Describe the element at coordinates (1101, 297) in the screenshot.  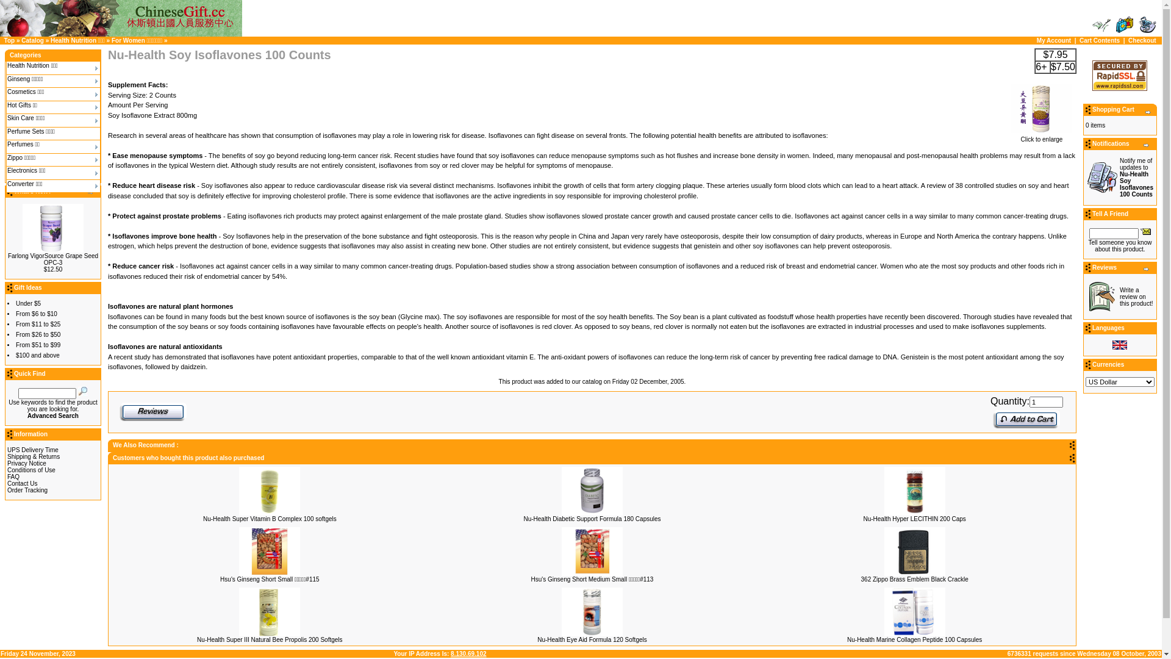
I see `' Write Review '` at that location.